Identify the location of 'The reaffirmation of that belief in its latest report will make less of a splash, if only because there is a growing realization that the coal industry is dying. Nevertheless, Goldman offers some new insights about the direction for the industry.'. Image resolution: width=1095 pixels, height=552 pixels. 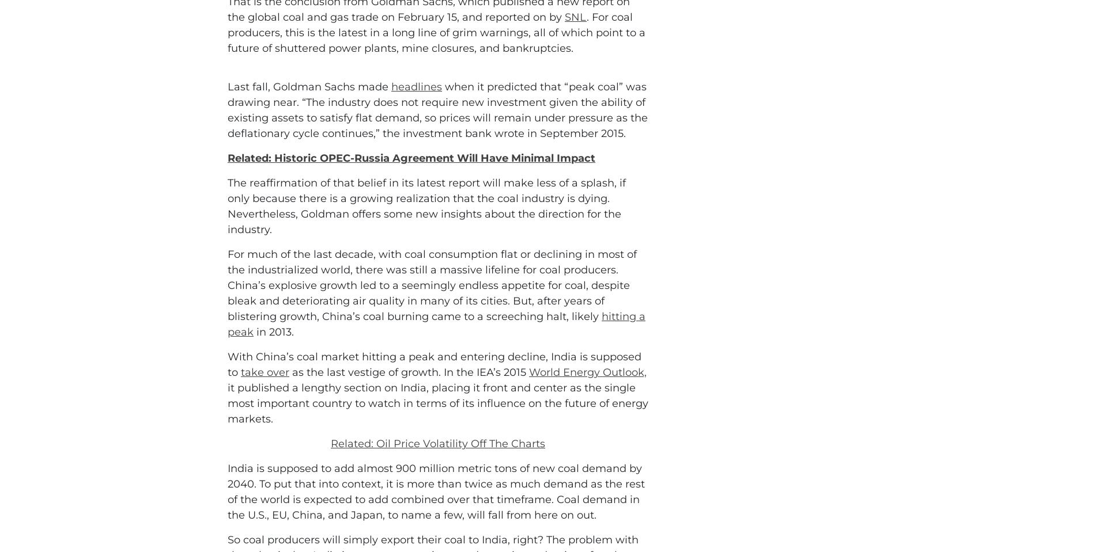
(426, 257).